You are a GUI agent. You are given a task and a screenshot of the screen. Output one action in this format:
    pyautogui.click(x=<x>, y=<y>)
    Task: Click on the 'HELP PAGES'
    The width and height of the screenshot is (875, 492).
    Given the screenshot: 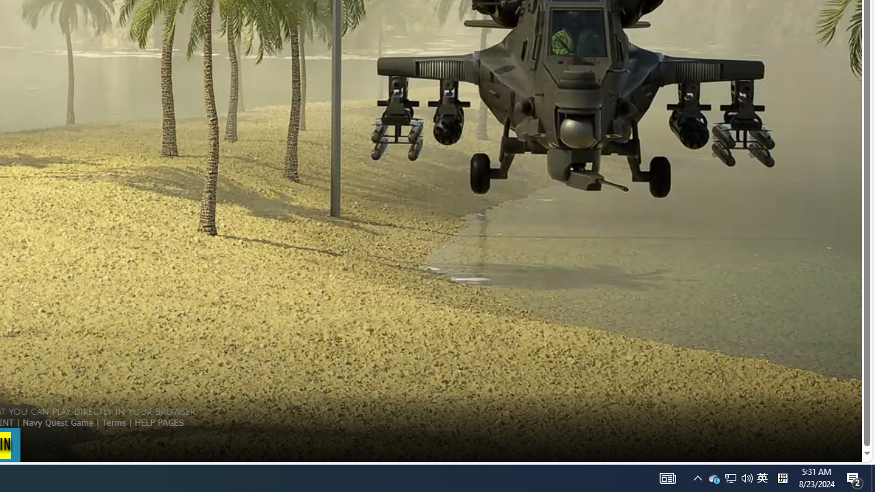 What is the action you would take?
    pyautogui.click(x=159, y=421)
    